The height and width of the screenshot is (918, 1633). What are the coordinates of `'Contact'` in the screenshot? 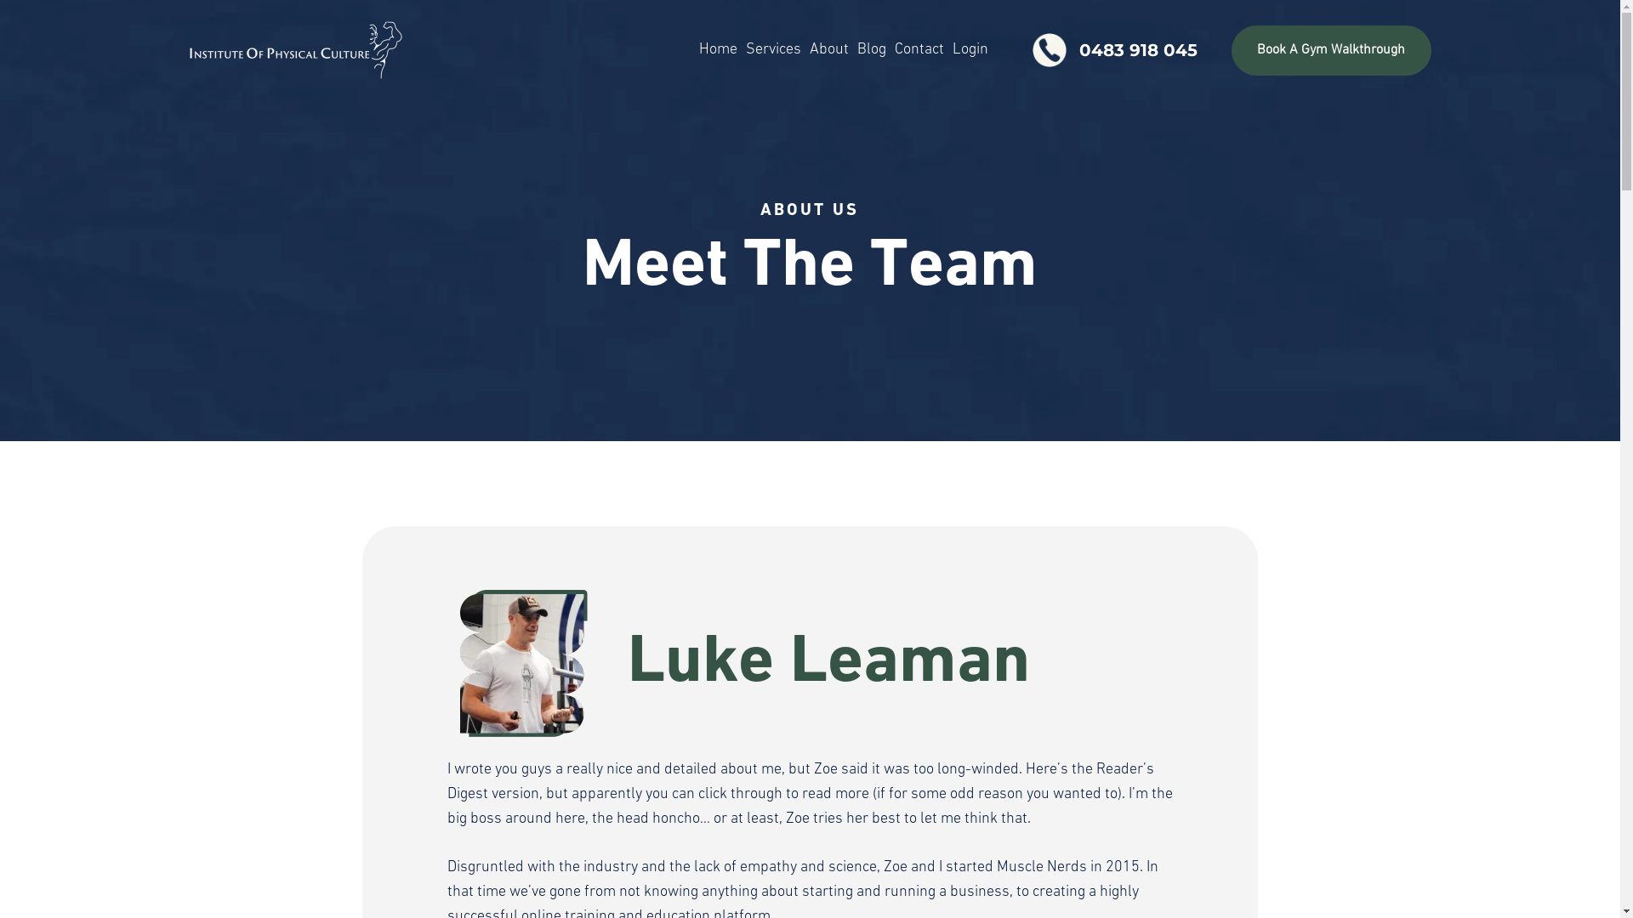 It's located at (918, 48).